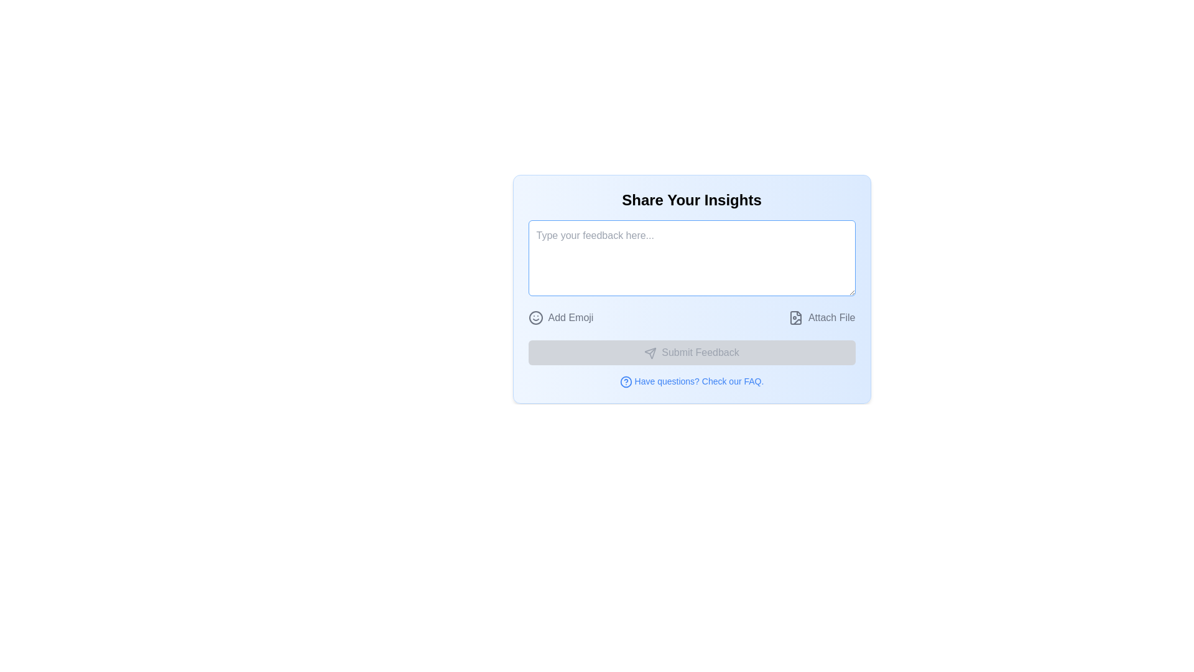  What do you see at coordinates (650, 353) in the screenshot?
I see `the arrowhead icon resembling a send symbol, which is part of an SVG graphic representing a sending action` at bounding box center [650, 353].